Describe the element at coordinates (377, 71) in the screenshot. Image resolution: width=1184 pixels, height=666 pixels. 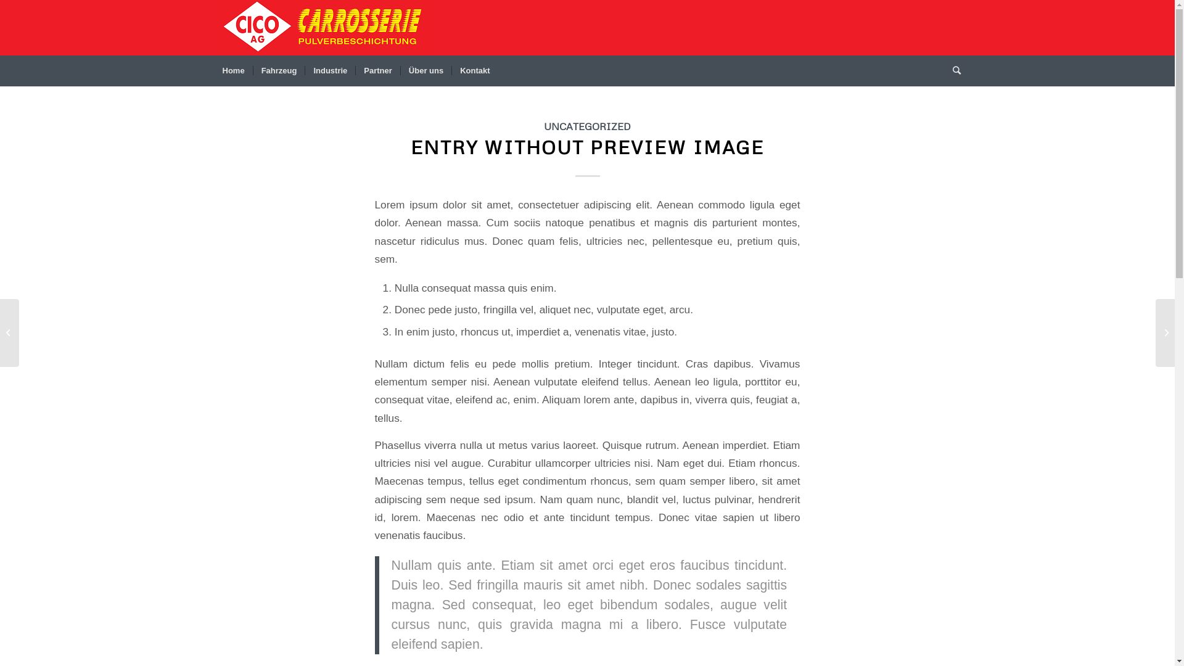
I see `'Partner'` at that location.